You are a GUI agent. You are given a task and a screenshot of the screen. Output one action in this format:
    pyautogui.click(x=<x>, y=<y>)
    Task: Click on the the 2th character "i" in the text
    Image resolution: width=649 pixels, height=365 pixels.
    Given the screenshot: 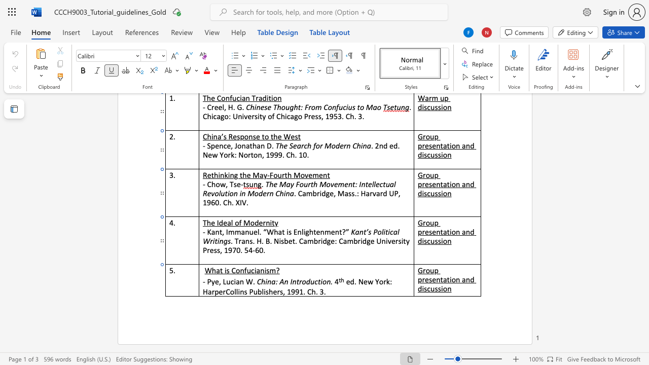 What is the action you would take?
    pyautogui.click(x=304, y=232)
    